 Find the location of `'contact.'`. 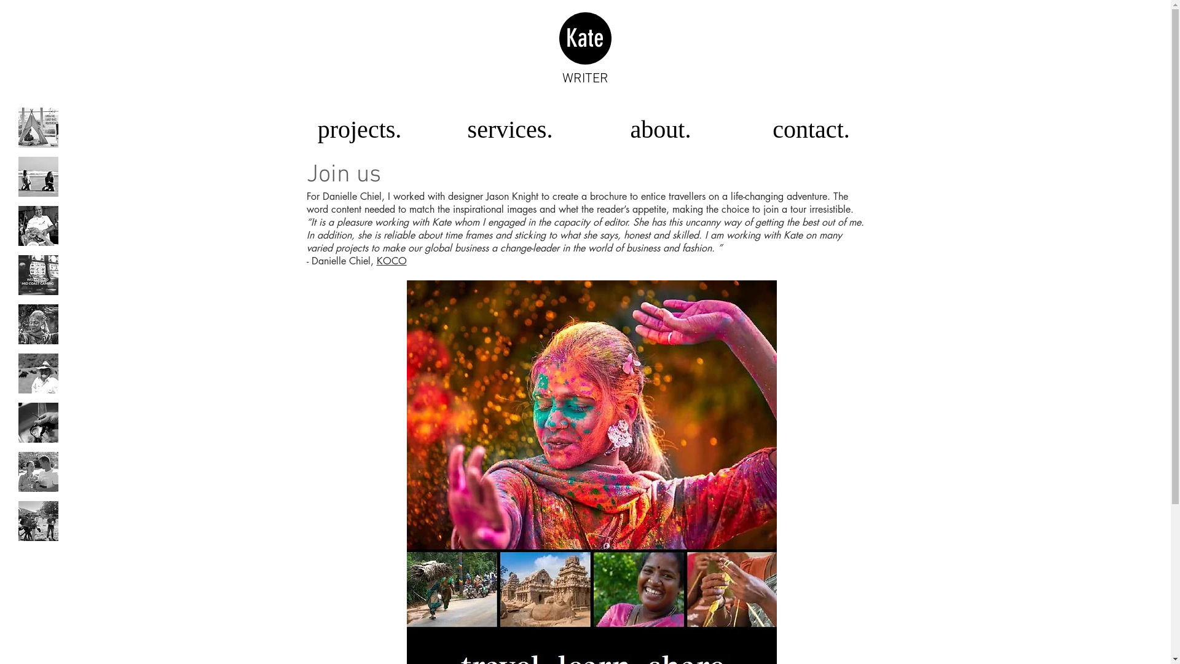

'contact.' is located at coordinates (811, 129).